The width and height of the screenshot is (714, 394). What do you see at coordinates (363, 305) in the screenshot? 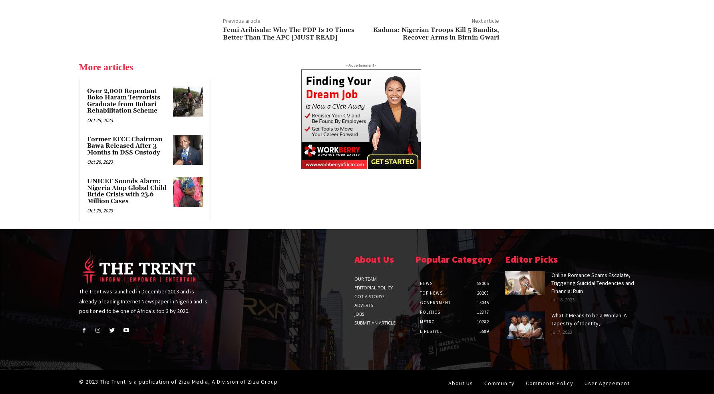
I see `'Adverts'` at bounding box center [363, 305].